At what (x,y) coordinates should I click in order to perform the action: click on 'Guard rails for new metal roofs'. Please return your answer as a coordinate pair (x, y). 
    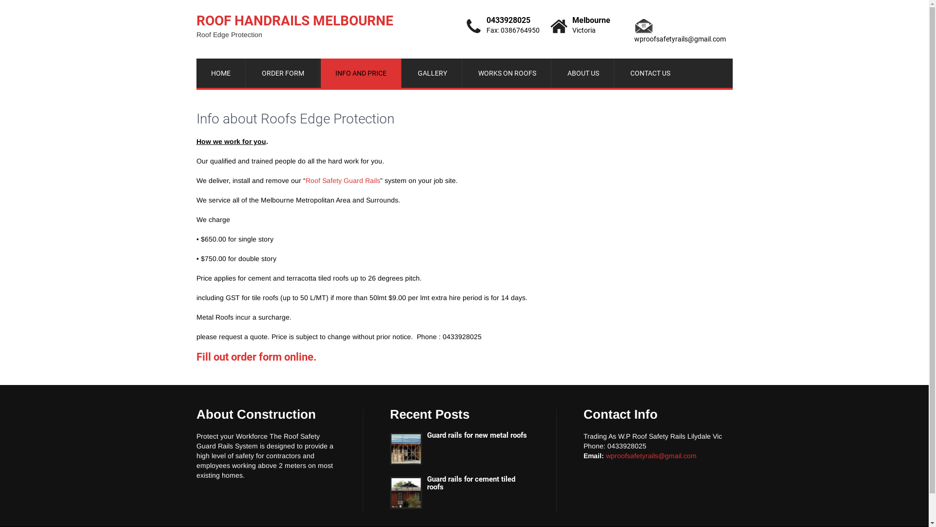
    Looking at the image, I should click on (459, 435).